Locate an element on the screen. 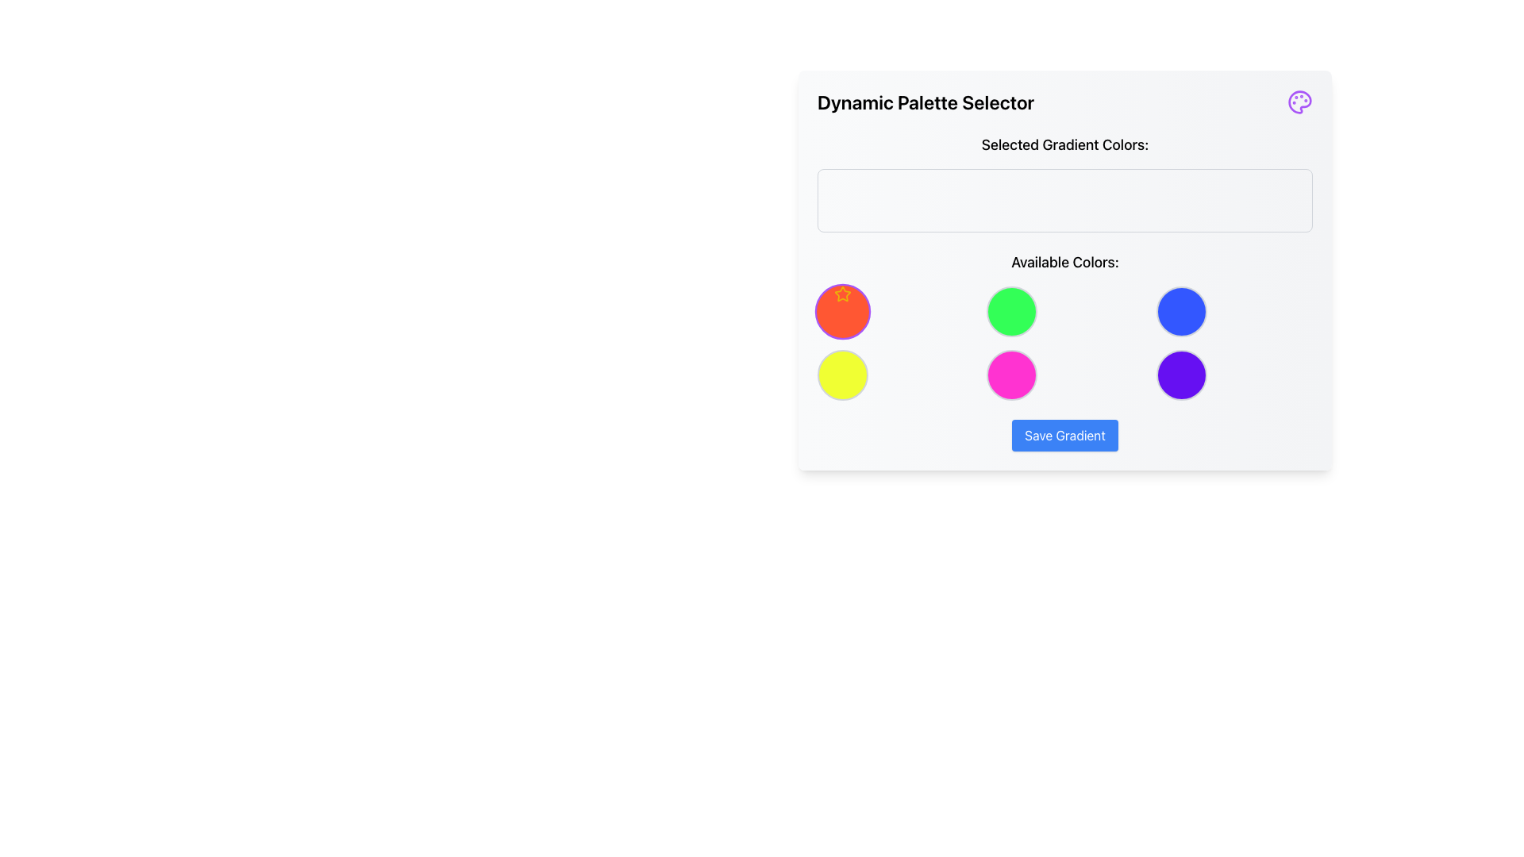 The width and height of the screenshot is (1524, 857). the blue 'Save Gradient' button with rounded corners located at the bottom center of the 'Dynamic Palette Selector' panel is located at coordinates (1065, 435).